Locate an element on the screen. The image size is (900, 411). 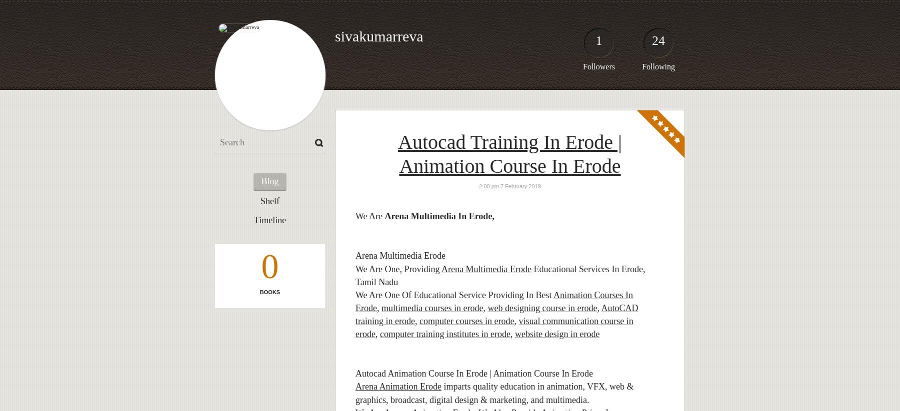
'Shelf' is located at coordinates (269, 200).